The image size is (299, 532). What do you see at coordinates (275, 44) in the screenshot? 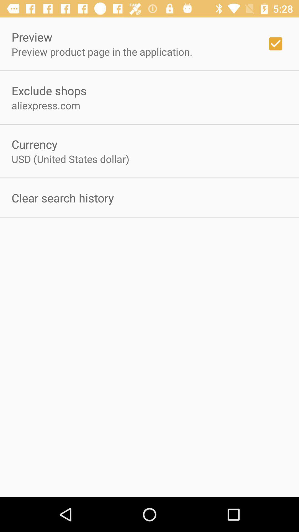
I see `the item at the top right corner` at bounding box center [275, 44].